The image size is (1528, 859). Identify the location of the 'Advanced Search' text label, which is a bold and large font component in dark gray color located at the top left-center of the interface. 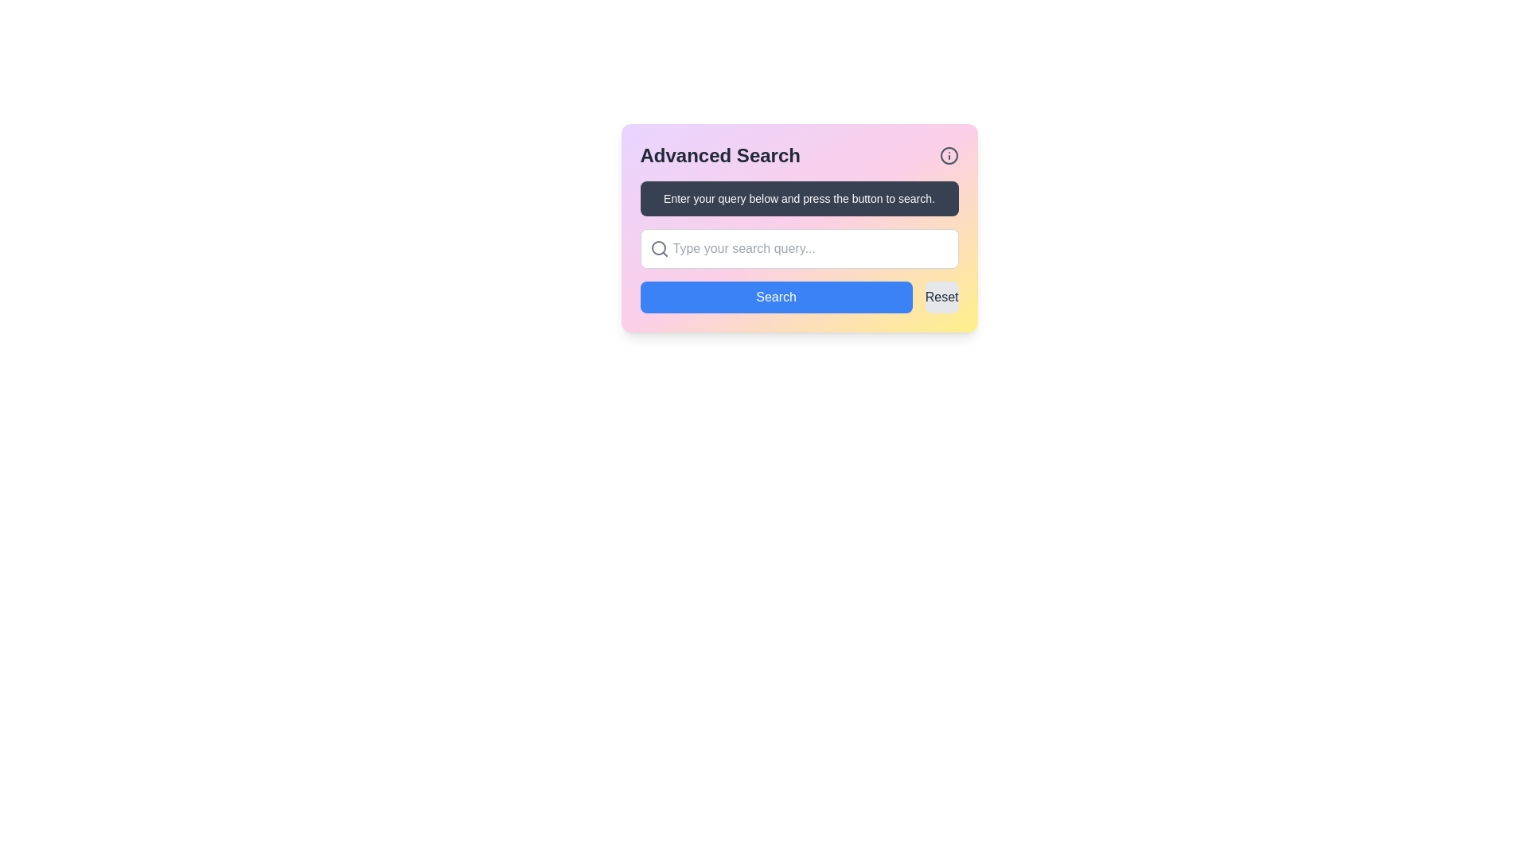
(719, 156).